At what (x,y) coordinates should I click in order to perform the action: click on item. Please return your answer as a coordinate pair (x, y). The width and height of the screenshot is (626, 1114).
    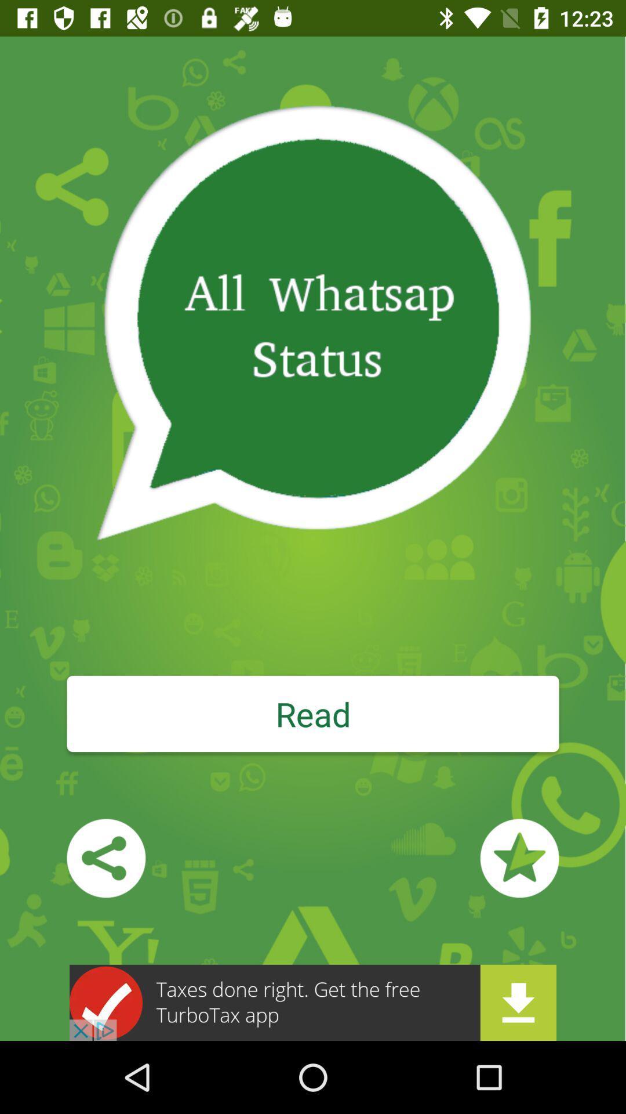
    Looking at the image, I should click on (519, 858).